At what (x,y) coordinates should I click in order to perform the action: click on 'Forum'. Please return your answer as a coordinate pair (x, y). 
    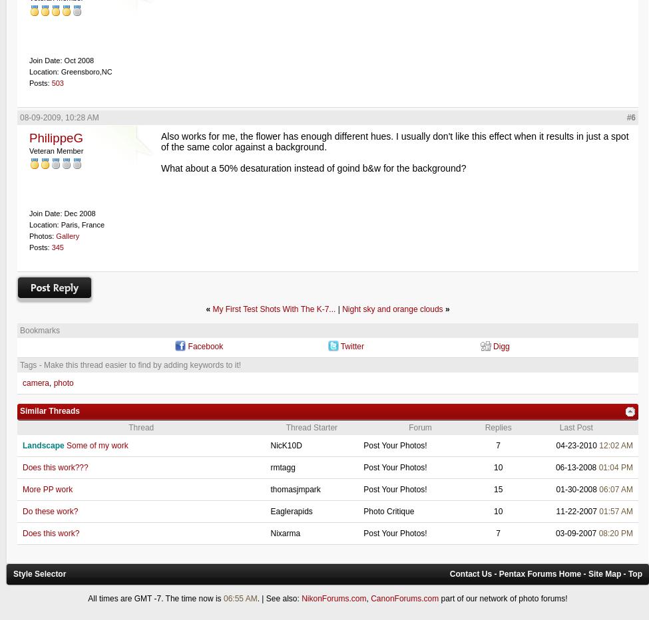
    Looking at the image, I should click on (420, 427).